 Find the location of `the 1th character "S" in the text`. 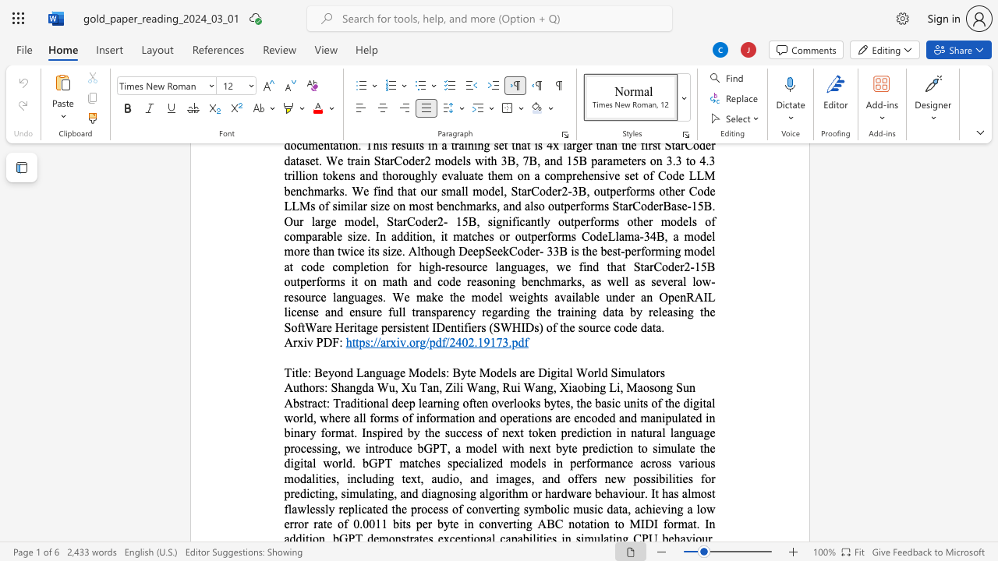

the 1th character "S" in the text is located at coordinates (333, 386).